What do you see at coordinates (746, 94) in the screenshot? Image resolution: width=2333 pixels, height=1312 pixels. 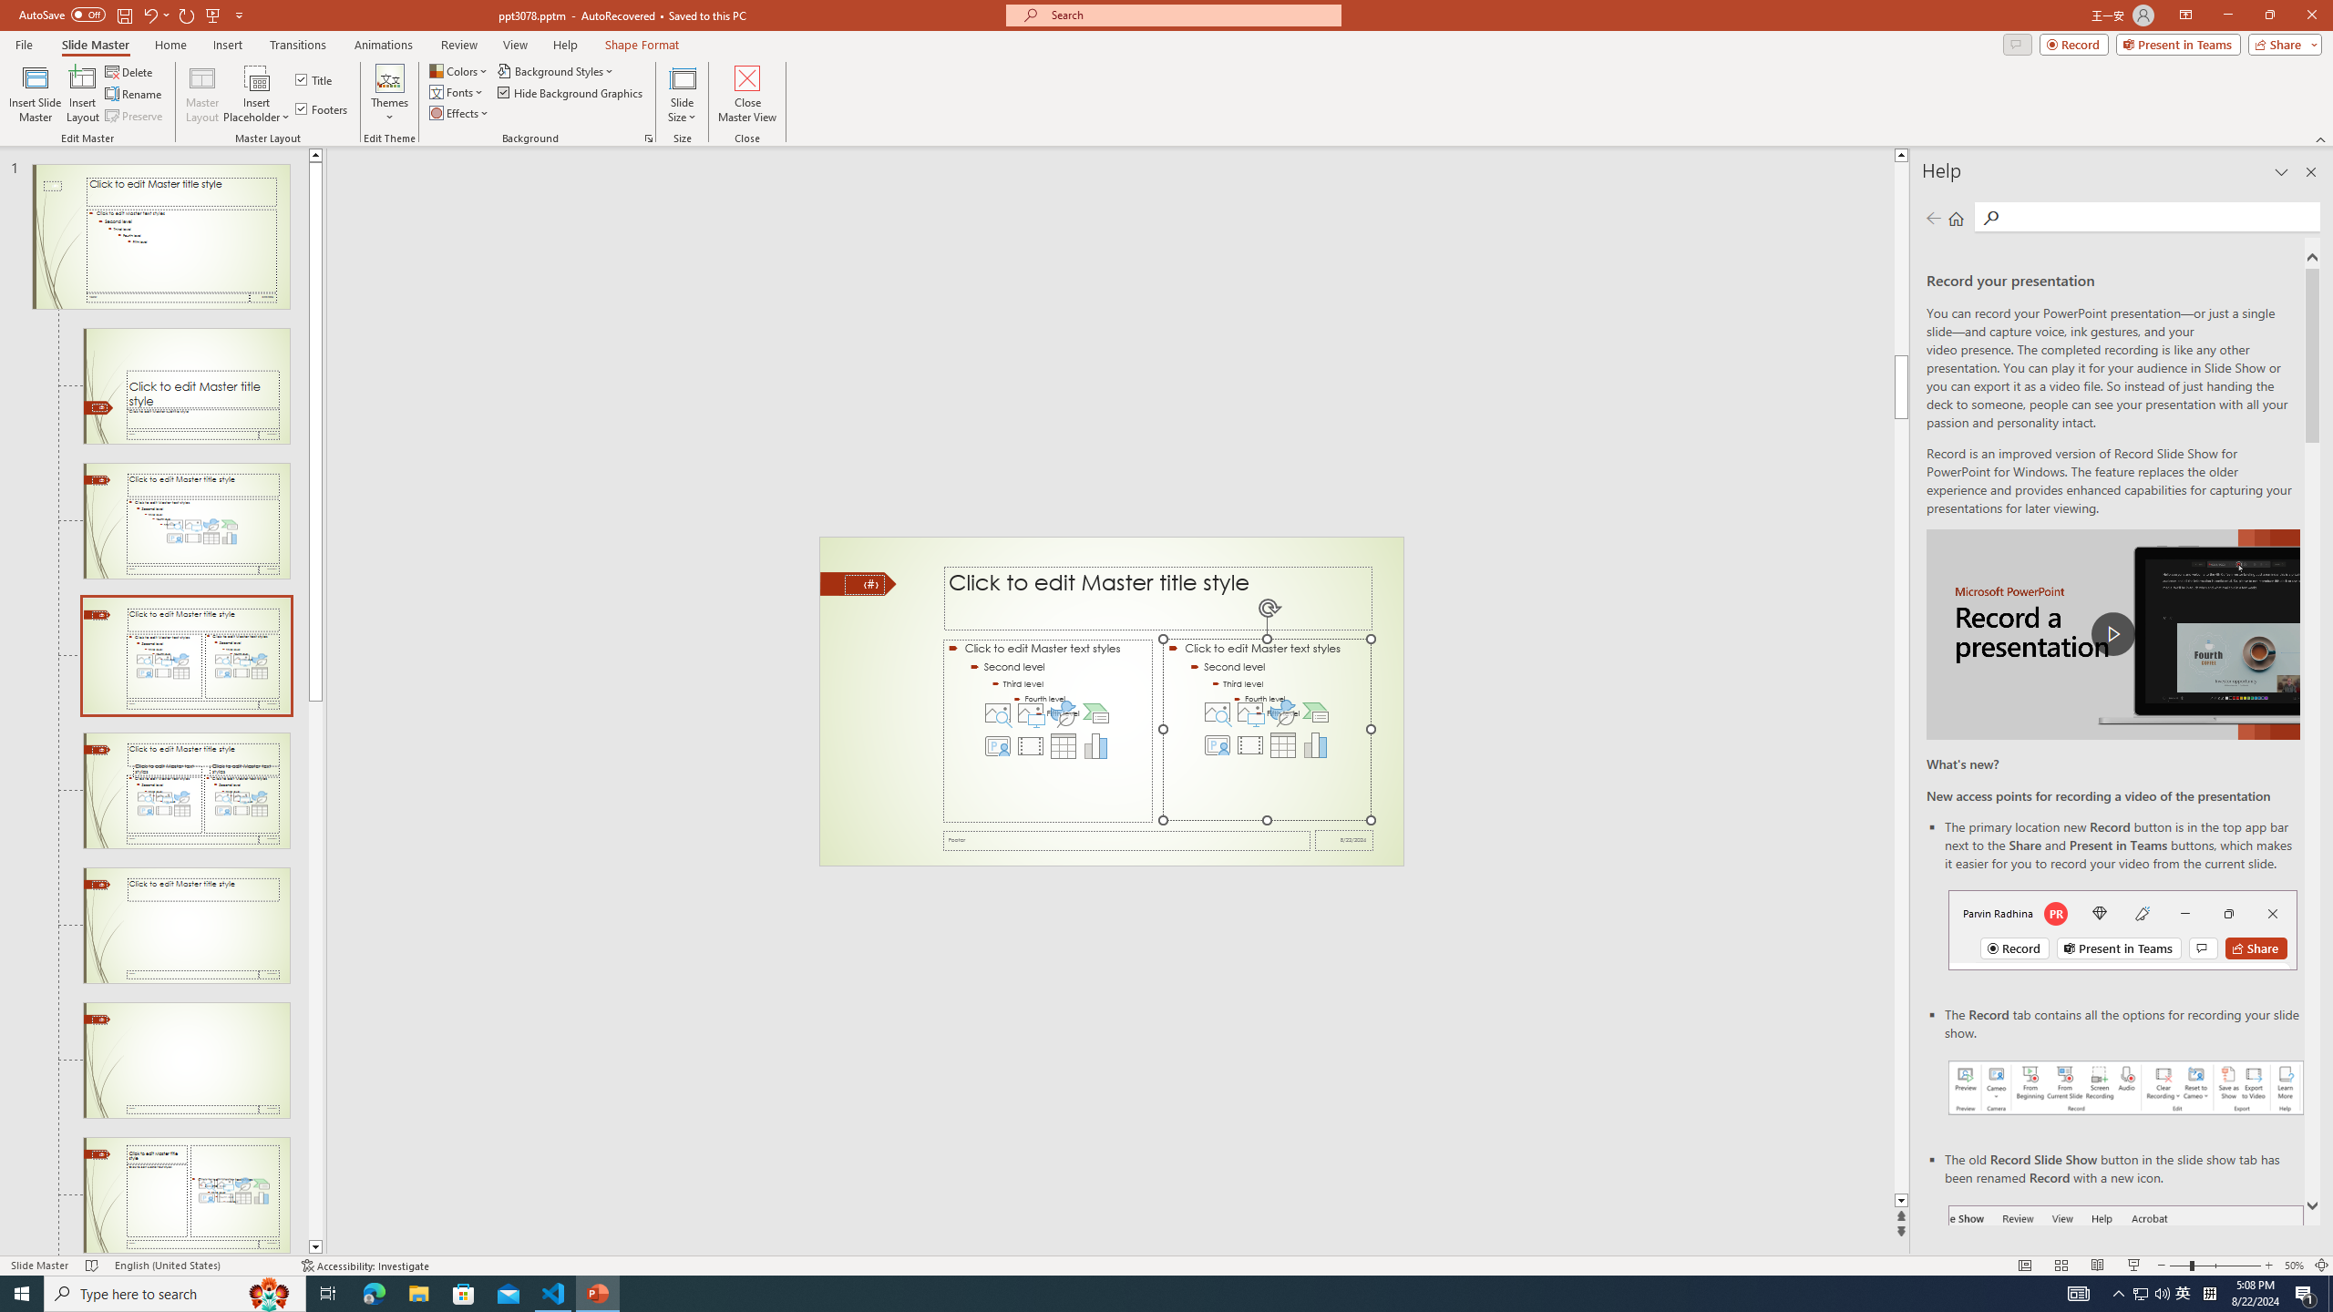 I see `'Close Master View'` at bounding box center [746, 94].